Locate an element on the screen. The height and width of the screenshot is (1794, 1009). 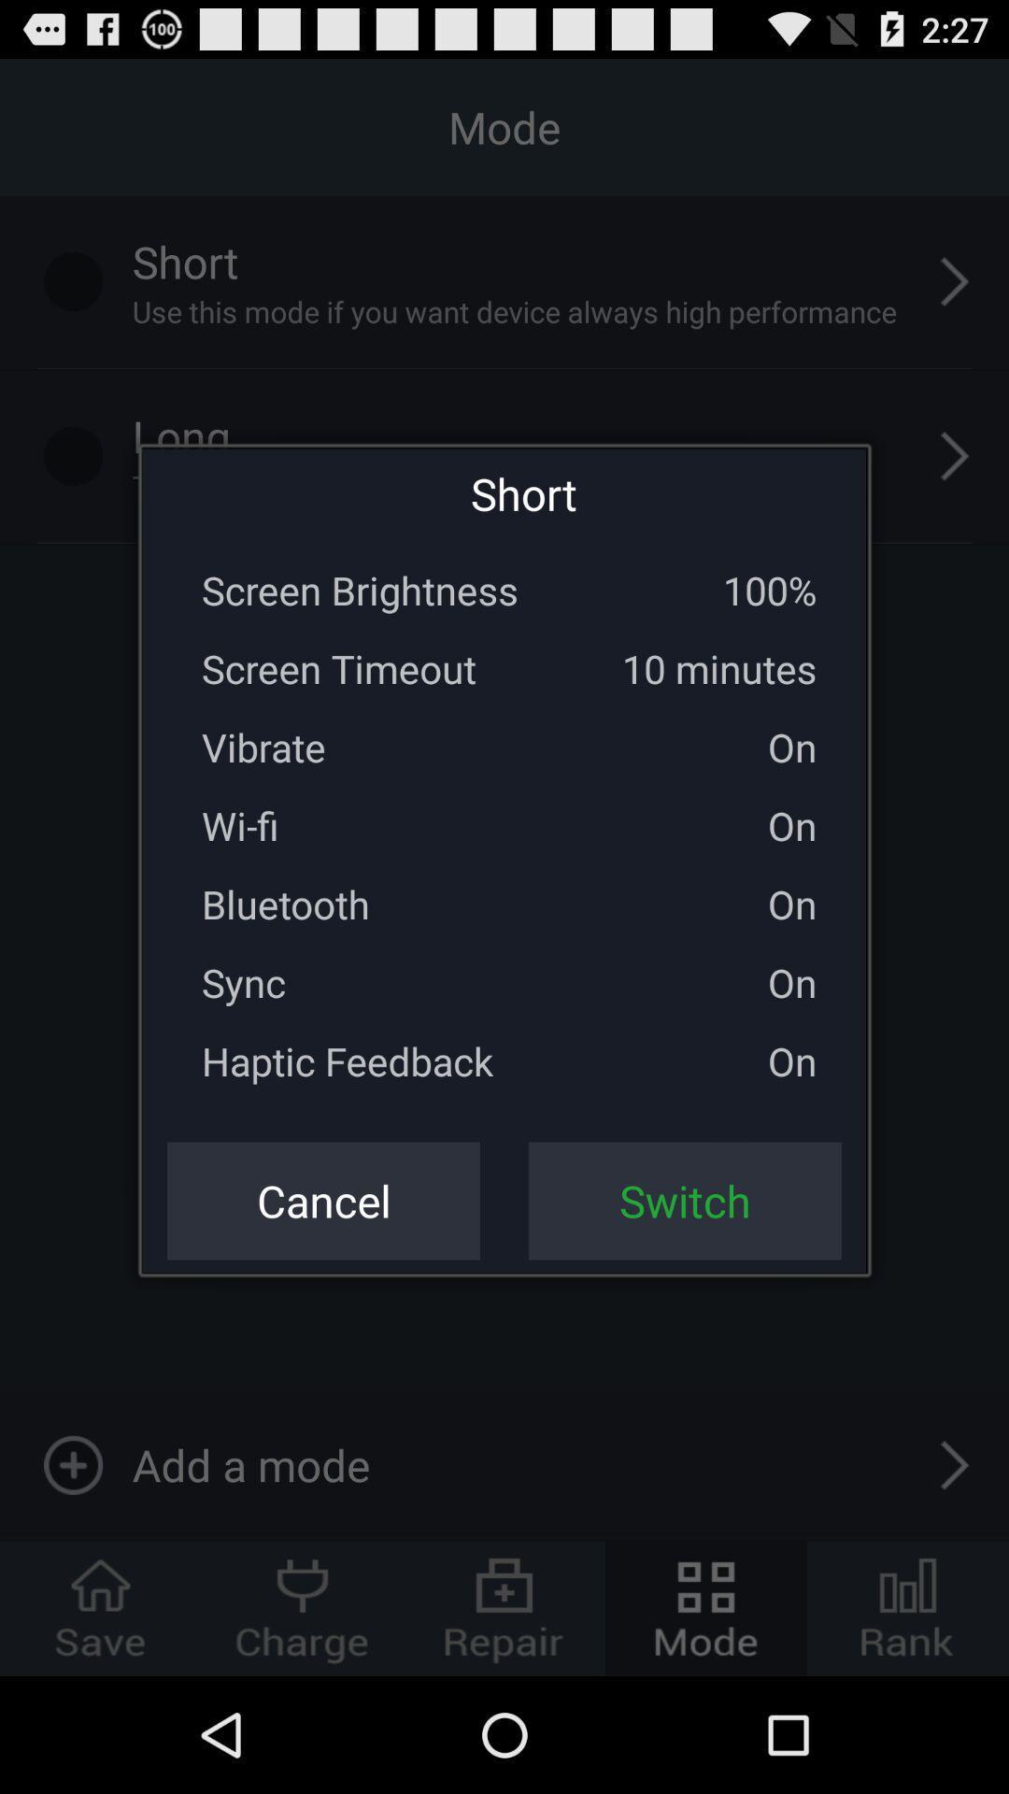
icon to the right of cancel is located at coordinates (685, 1201).